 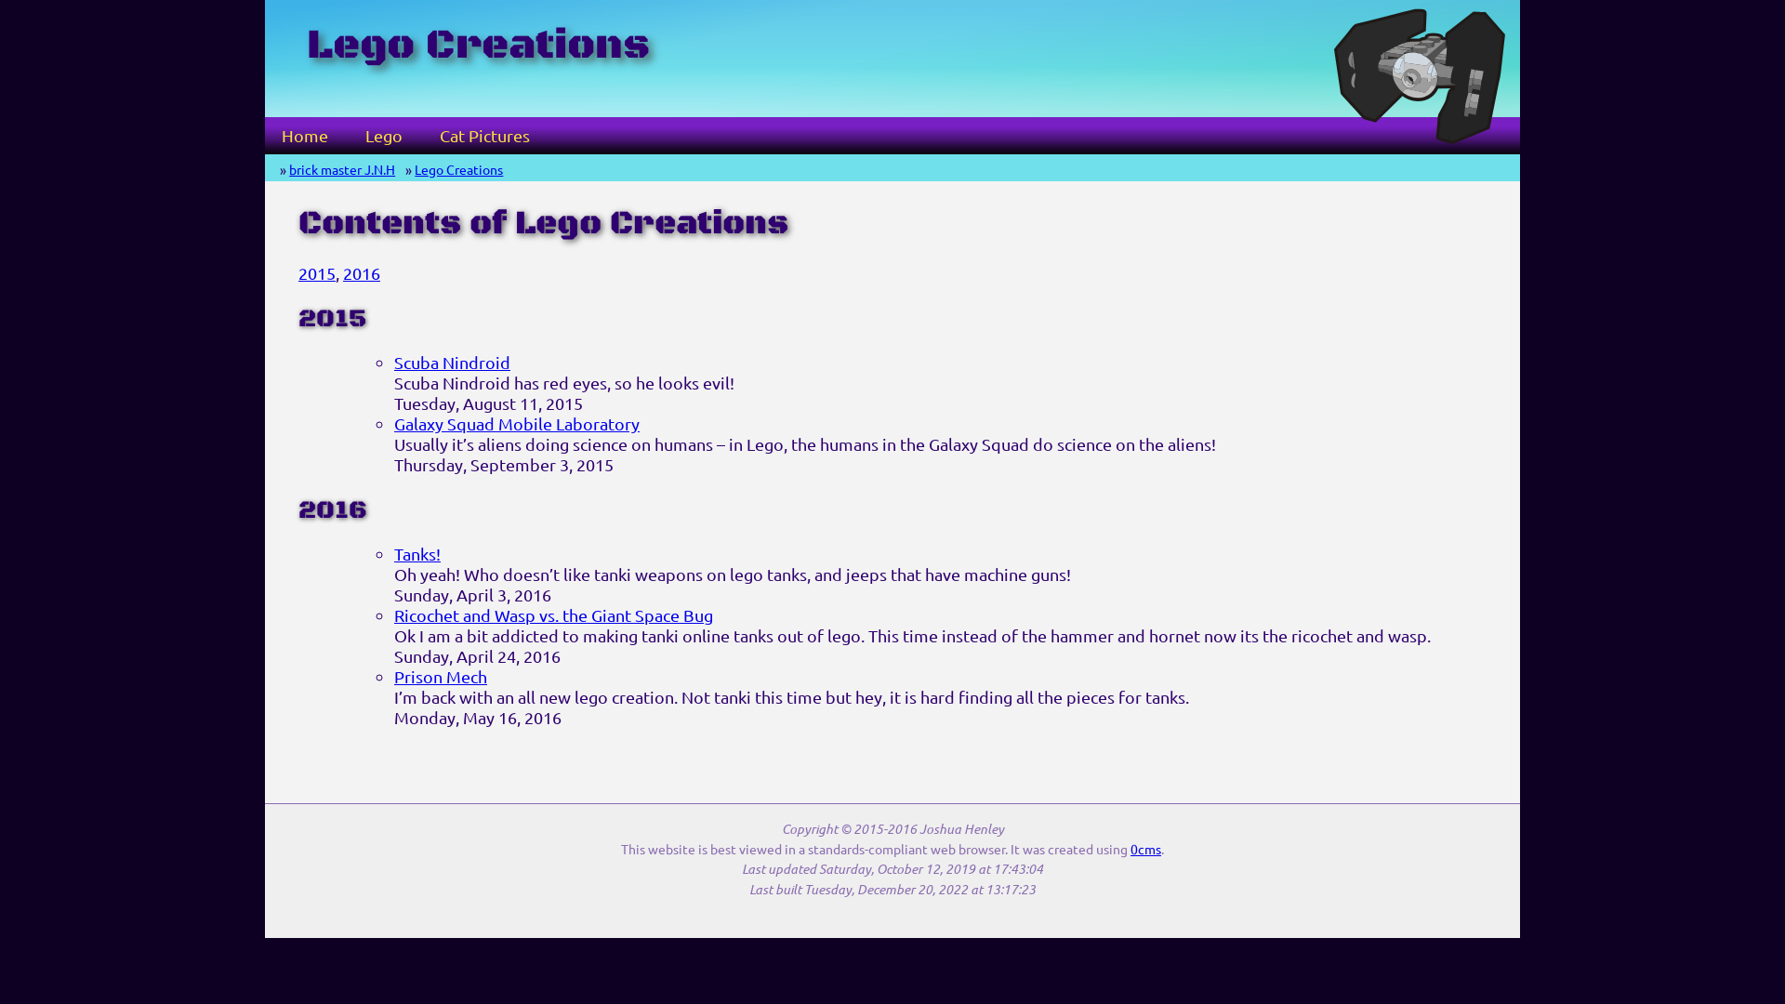 What do you see at coordinates (440, 676) in the screenshot?
I see `'Prison Mech'` at bounding box center [440, 676].